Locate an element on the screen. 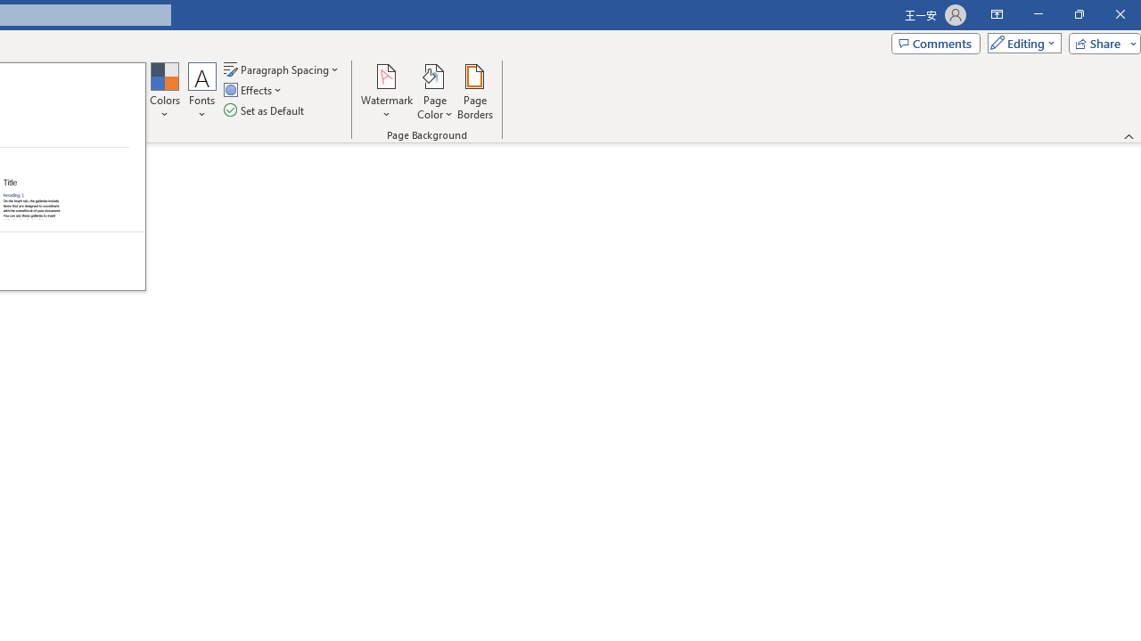 This screenshot has height=641, width=1141. 'Watermark' is located at coordinates (386, 92).